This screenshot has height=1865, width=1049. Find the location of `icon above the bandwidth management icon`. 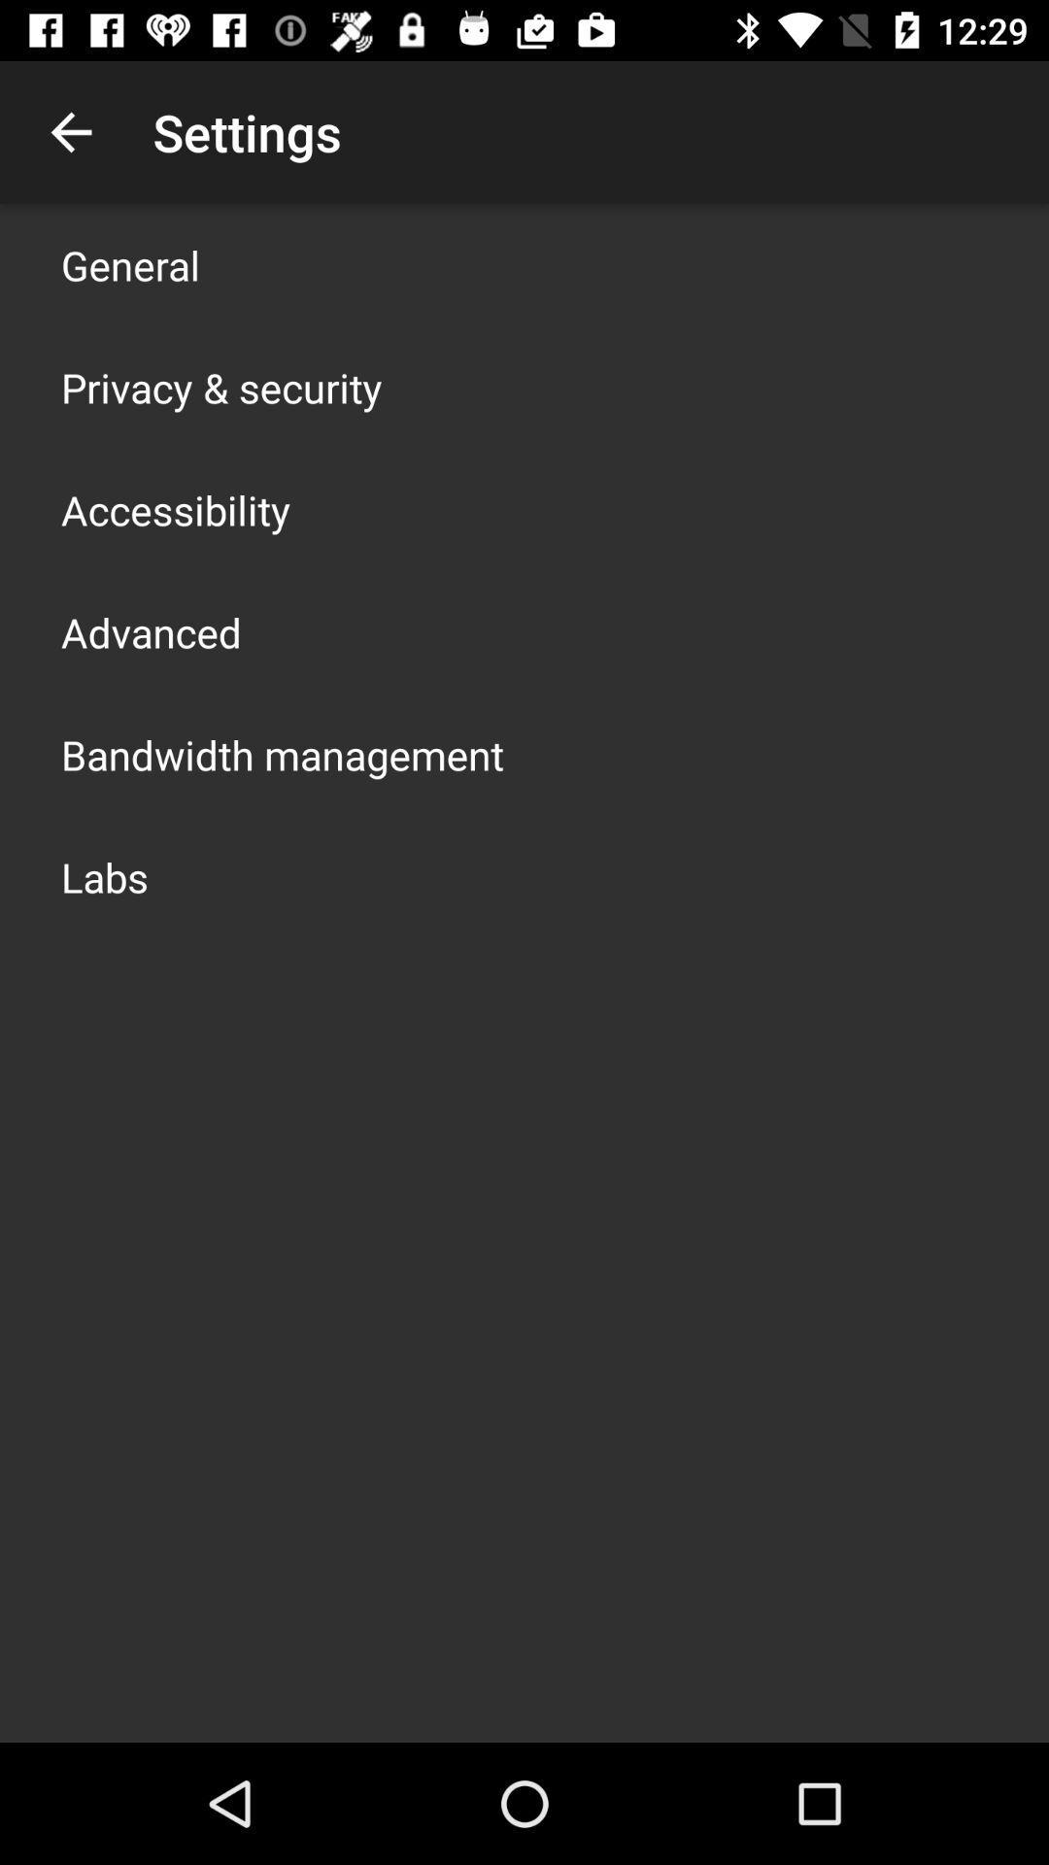

icon above the bandwidth management icon is located at coordinates (150, 632).